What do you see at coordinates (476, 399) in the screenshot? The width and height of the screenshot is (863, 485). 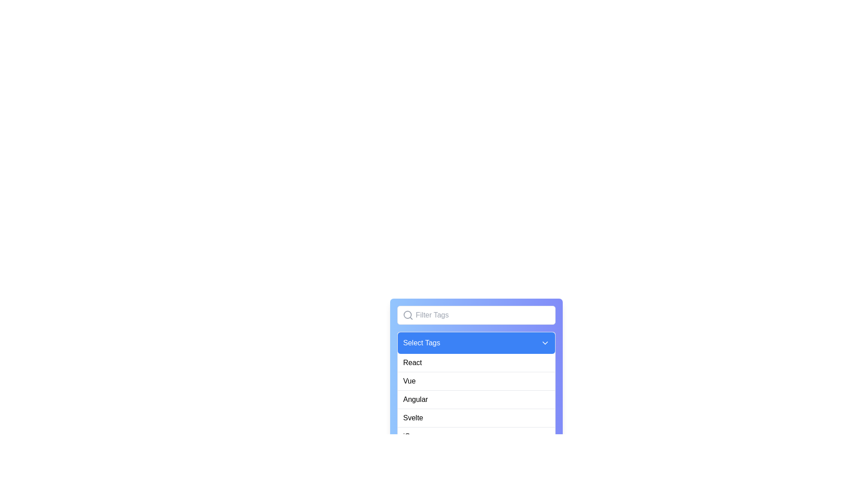 I see `the list item labeled 'Angular' in the dropdown menu to change its background color` at bounding box center [476, 399].